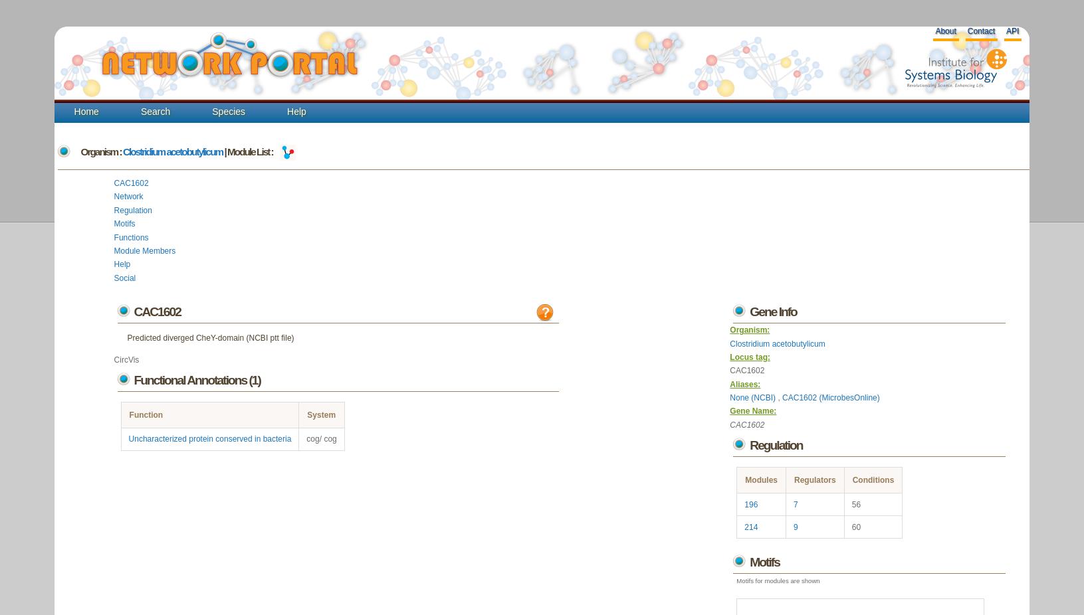  Describe the element at coordinates (248, 151) in the screenshot. I see `'| Module List :'` at that location.